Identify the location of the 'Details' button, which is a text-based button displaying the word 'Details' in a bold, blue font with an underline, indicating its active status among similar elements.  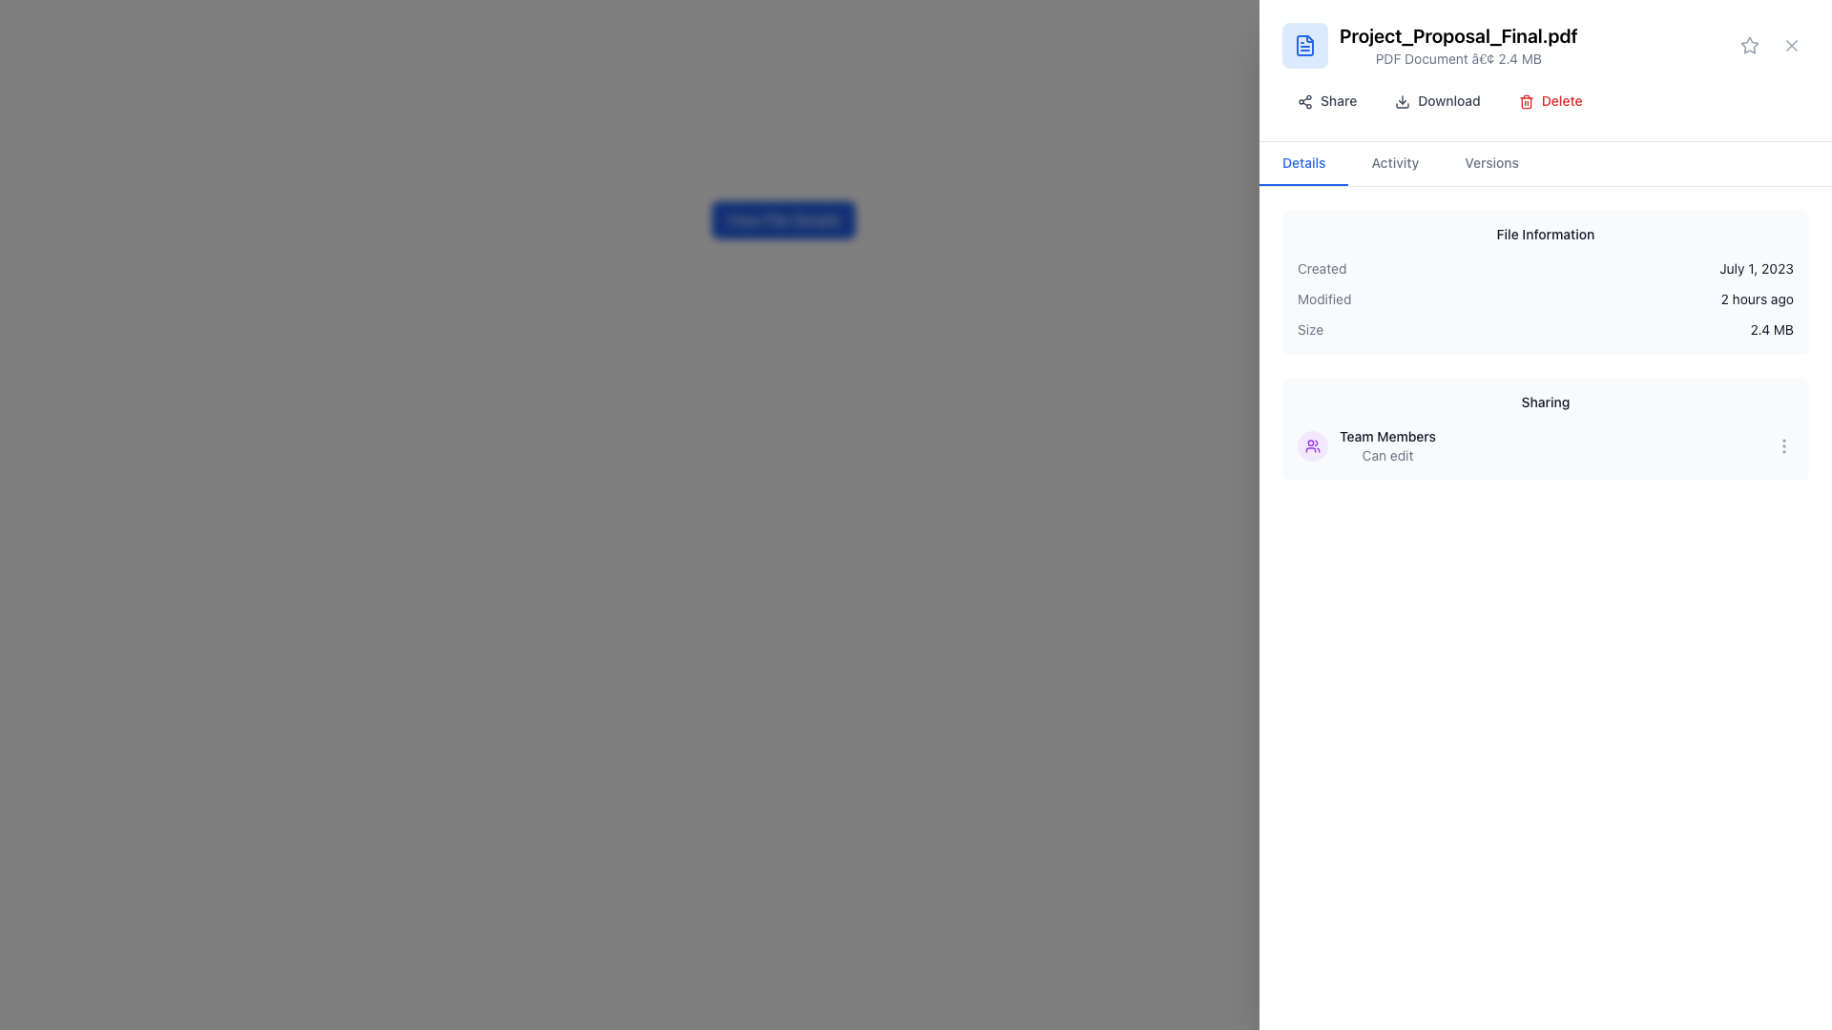
(1302, 163).